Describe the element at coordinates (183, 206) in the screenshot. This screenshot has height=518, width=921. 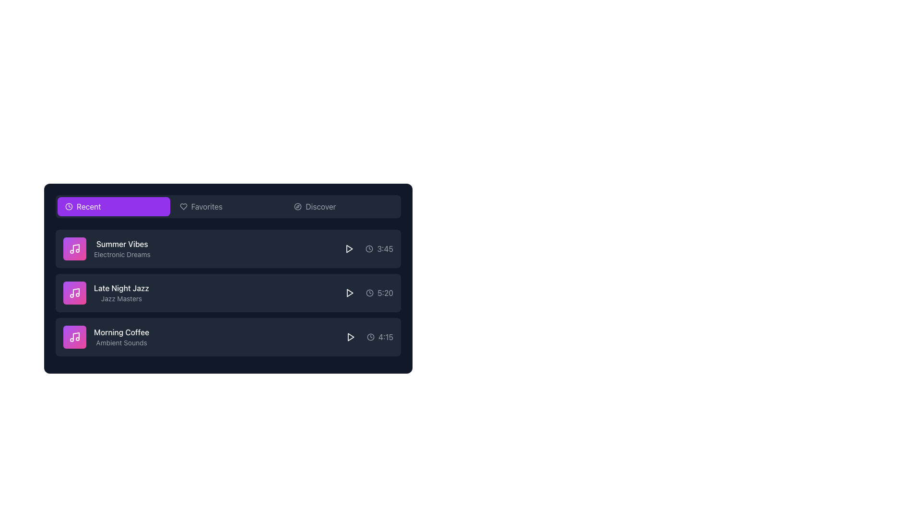
I see `the heart-shaped icon in the navigation bar associated with 'Favorites', located slightly to the left of the text label` at that location.